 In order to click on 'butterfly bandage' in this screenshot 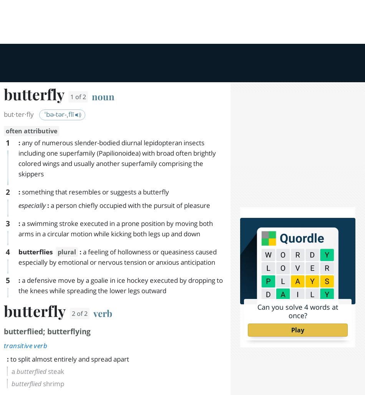, I will do `click(59, 91)`.